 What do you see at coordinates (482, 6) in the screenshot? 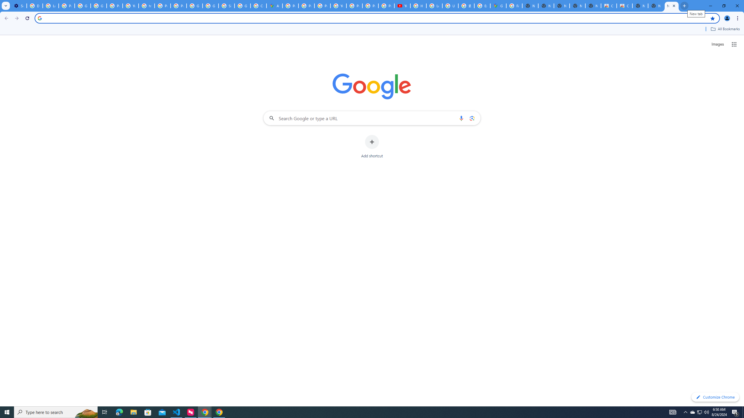
I see `'Explore new street-level details - Google Maps Help'` at bounding box center [482, 6].